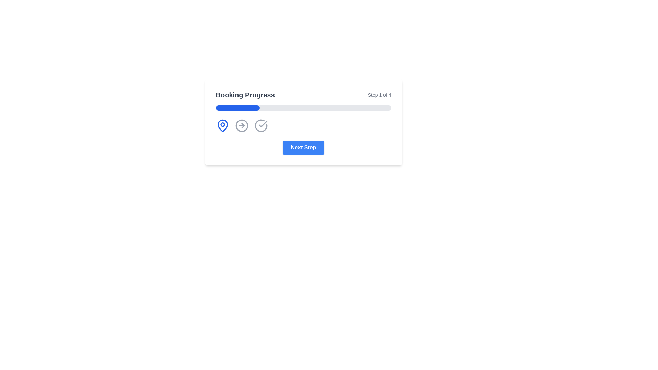 The width and height of the screenshot is (658, 370). What do you see at coordinates (245, 95) in the screenshot?
I see `the 'Booking Progress' text label, which serves as a title indicating the current section of the interface` at bounding box center [245, 95].